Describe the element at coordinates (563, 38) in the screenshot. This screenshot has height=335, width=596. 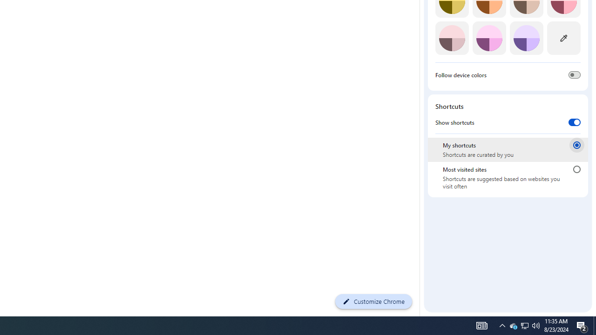
I see `'Custom color'` at that location.